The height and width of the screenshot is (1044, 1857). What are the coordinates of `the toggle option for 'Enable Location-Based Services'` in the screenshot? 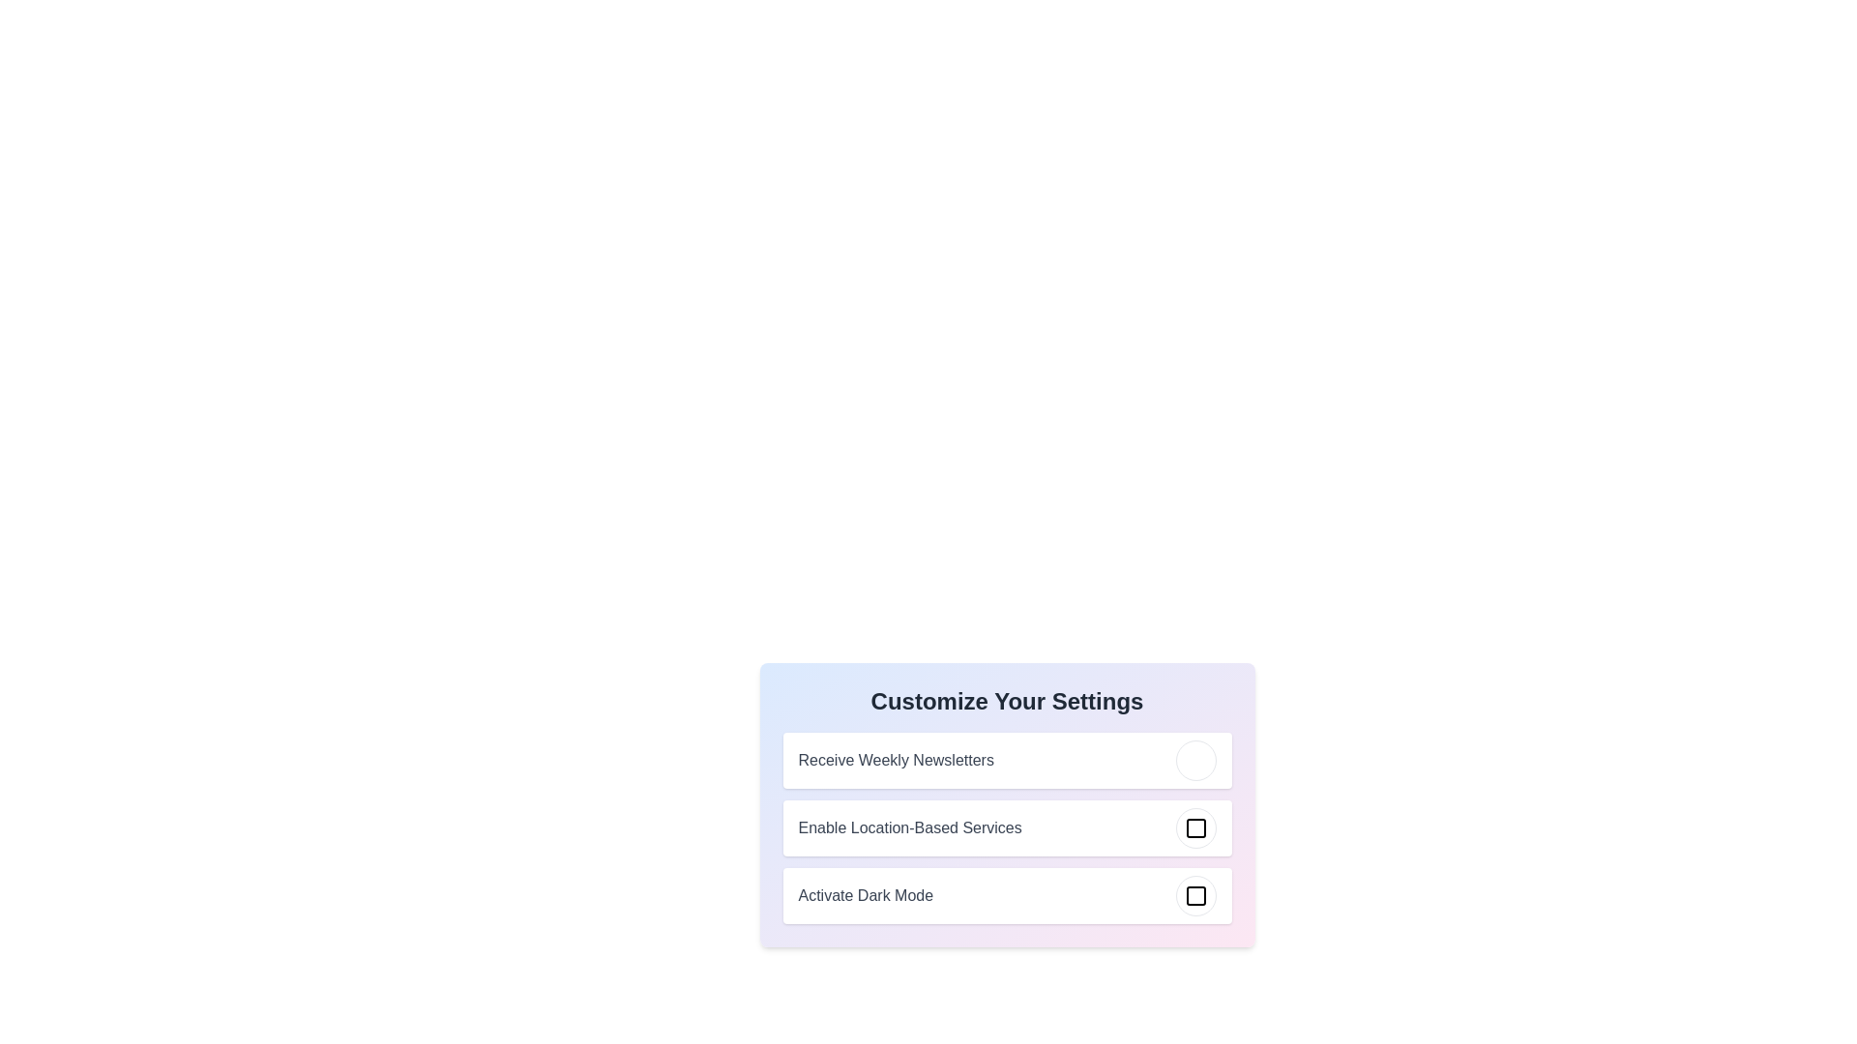 It's located at (1006, 805).